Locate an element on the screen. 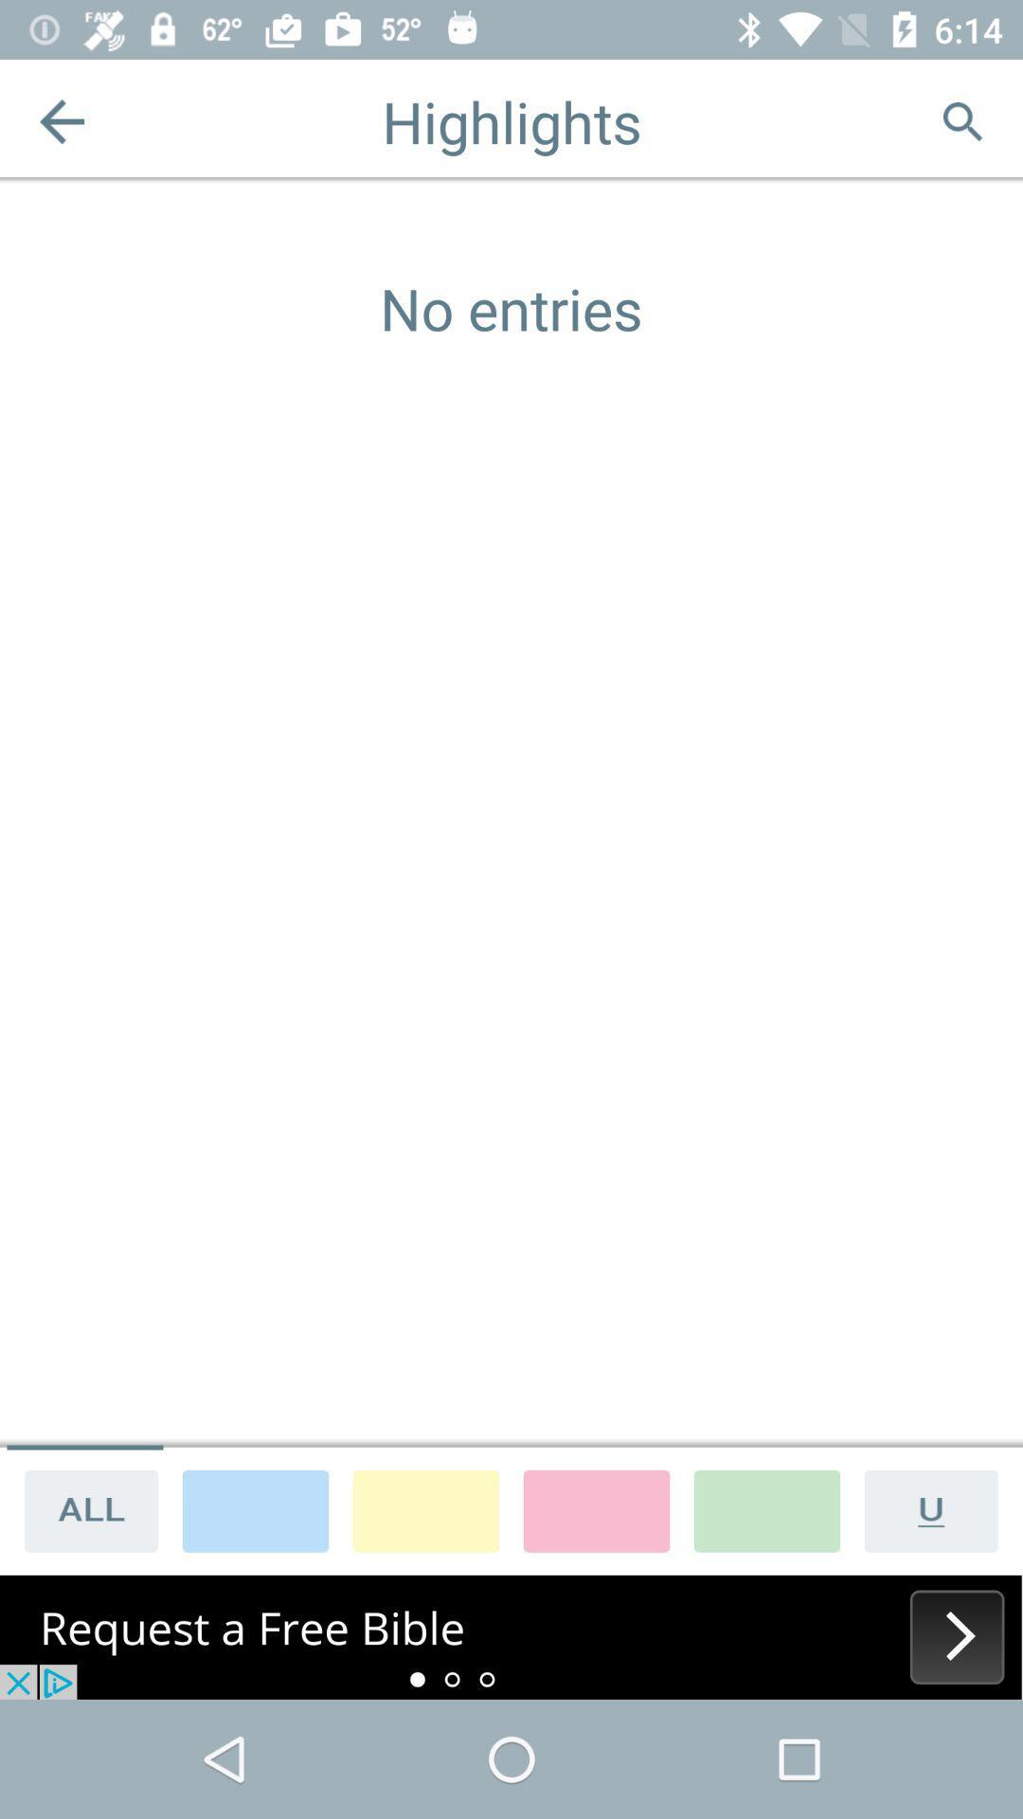  underline text option is located at coordinates (938, 1509).